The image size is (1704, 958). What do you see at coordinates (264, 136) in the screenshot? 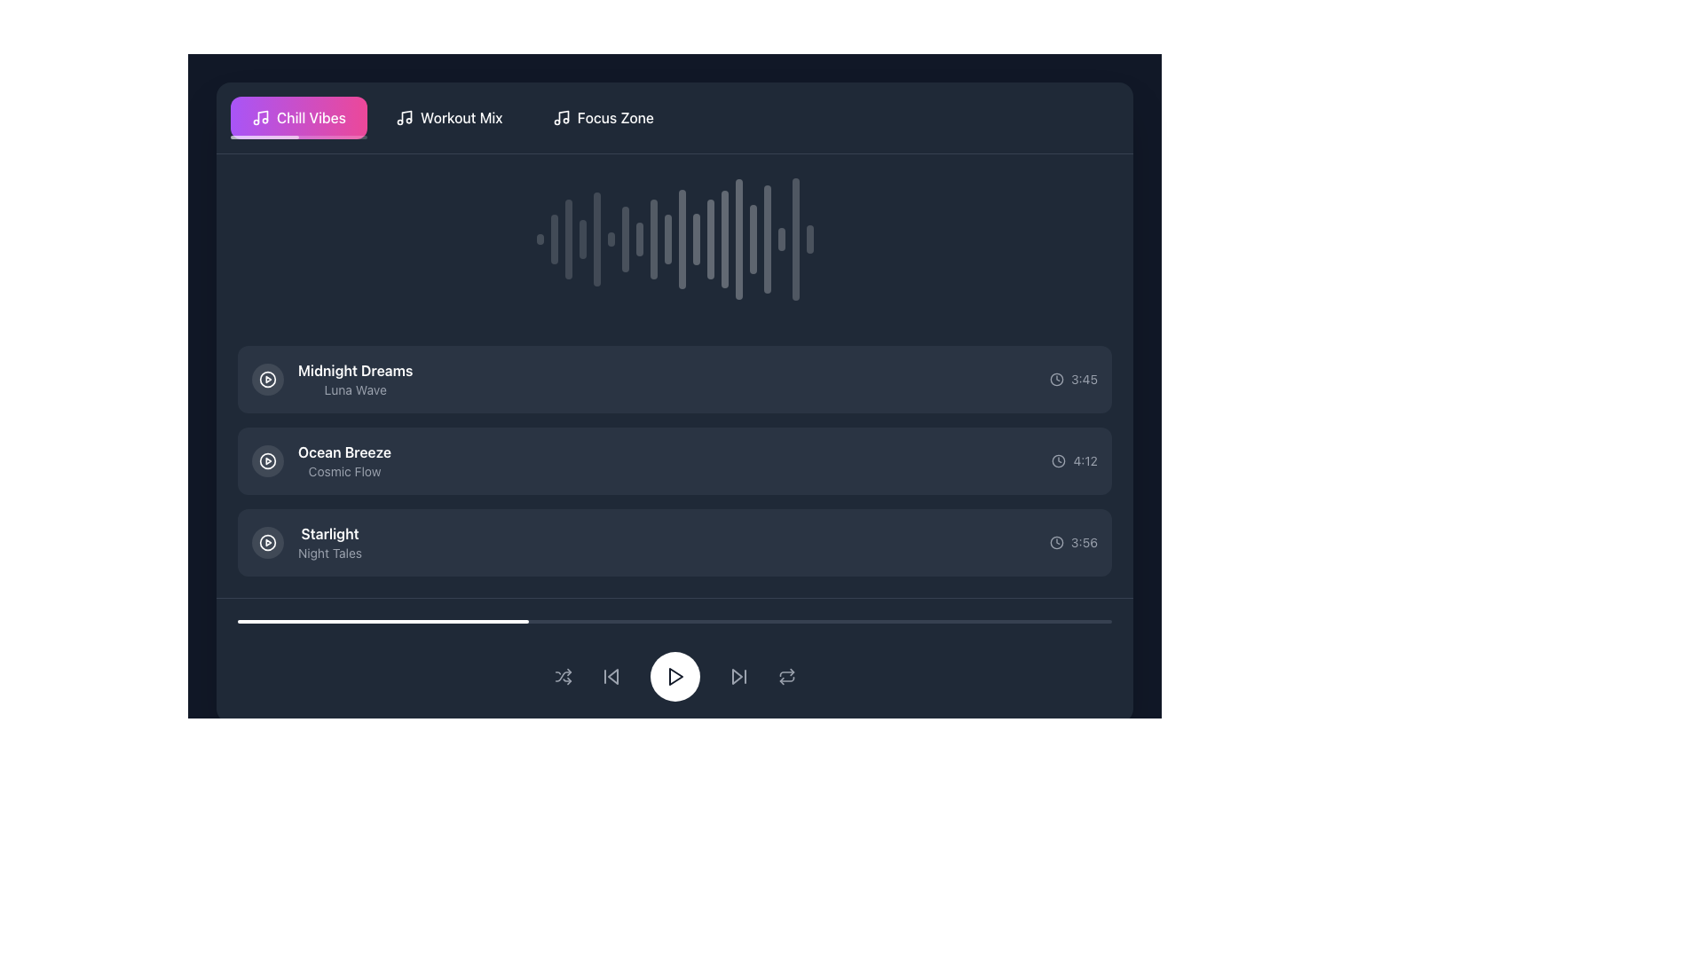
I see `the progress bar located at the bottom-left corner of the 'Chill Vibes' tab to indicate loading or selection status` at bounding box center [264, 136].